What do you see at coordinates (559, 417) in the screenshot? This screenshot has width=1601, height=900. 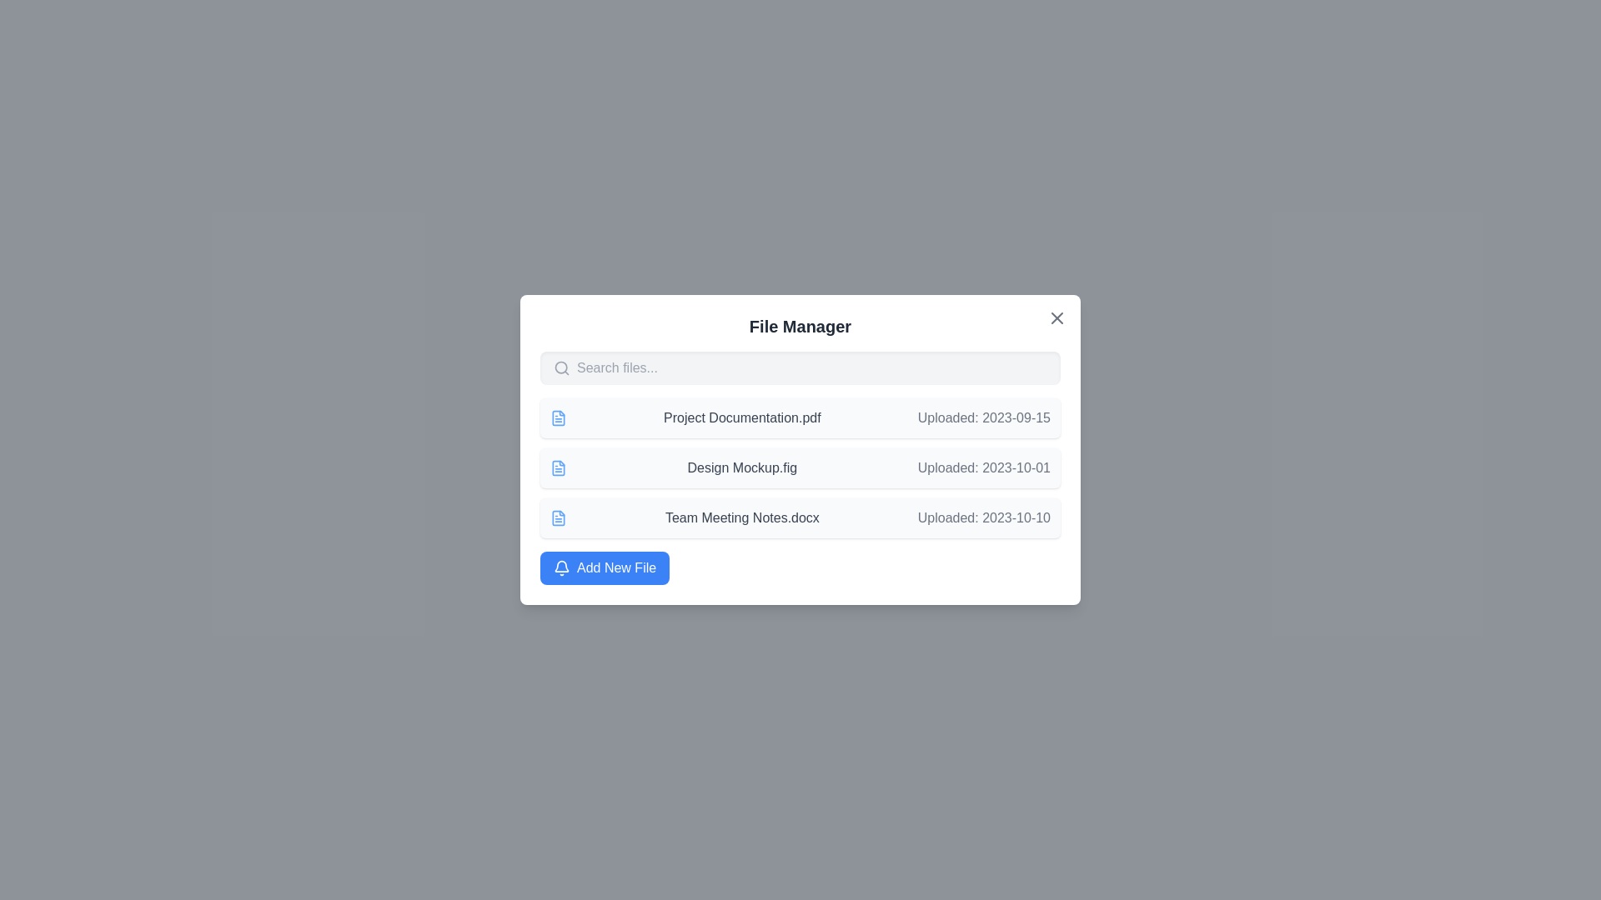 I see `the icon representing 'Project Documentation.pdf' in the file manager interface` at bounding box center [559, 417].